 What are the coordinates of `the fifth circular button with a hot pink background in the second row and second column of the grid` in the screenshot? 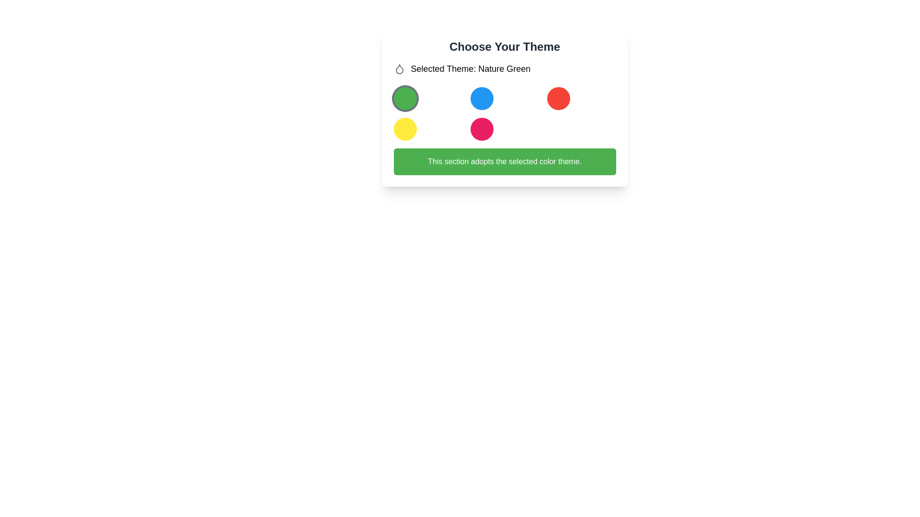 It's located at (482, 129).